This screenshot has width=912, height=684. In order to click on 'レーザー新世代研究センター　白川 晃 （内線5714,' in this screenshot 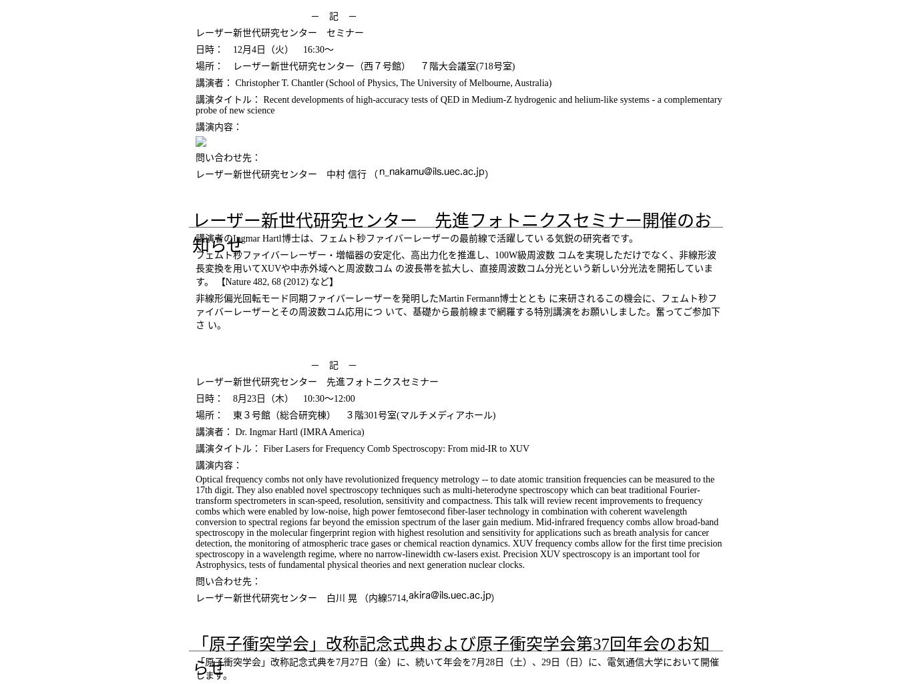, I will do `click(301, 597)`.